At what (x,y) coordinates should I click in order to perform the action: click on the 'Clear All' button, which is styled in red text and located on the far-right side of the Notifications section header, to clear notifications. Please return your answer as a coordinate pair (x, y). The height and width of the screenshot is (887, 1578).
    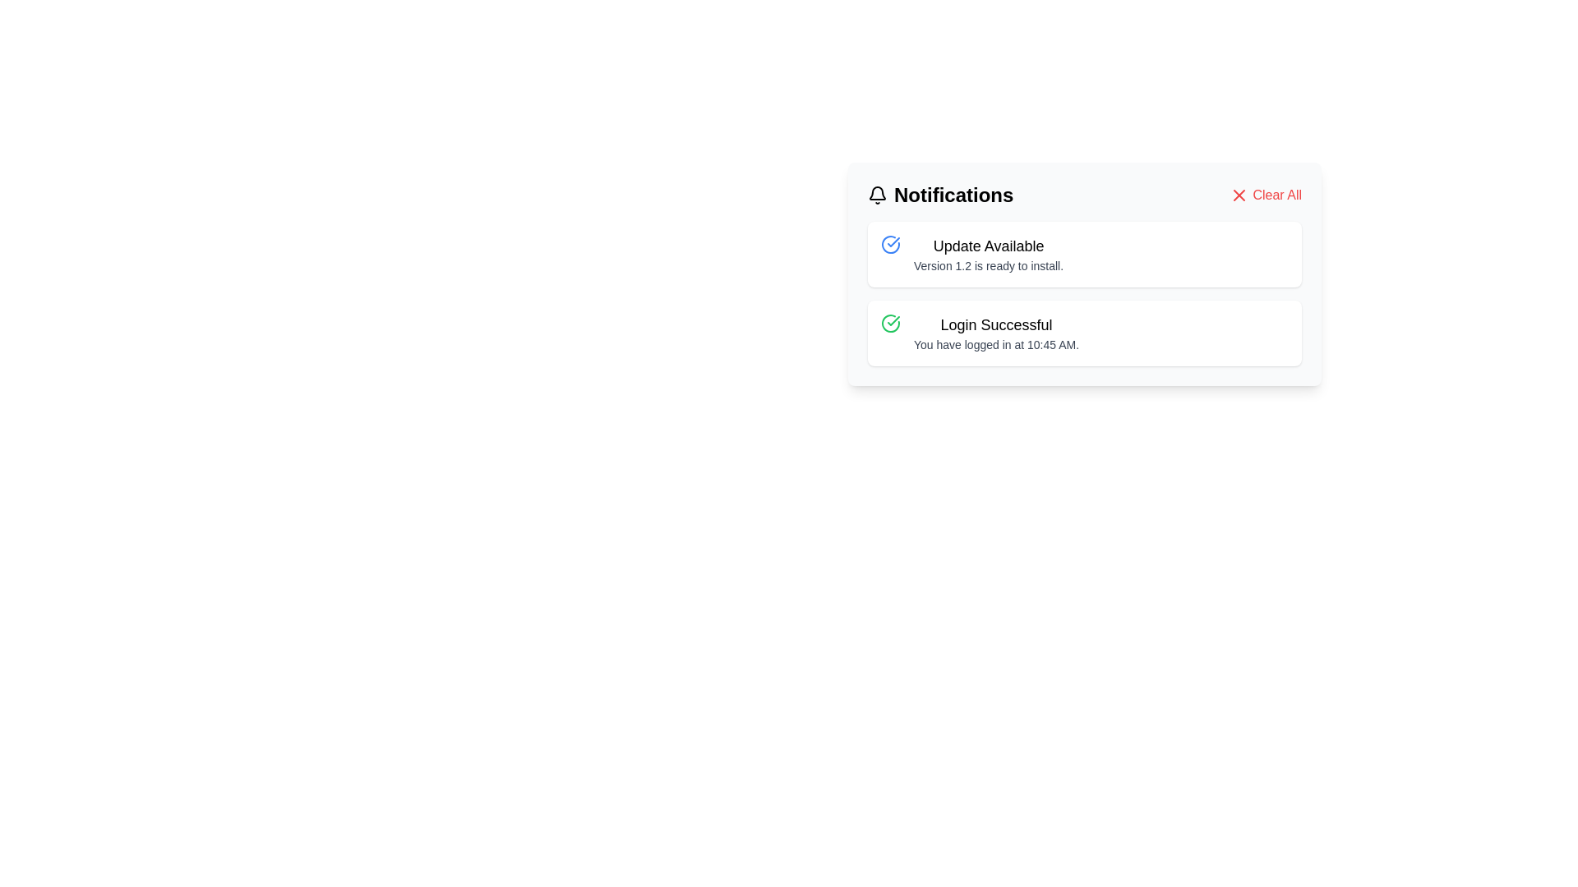
    Looking at the image, I should click on (1265, 195).